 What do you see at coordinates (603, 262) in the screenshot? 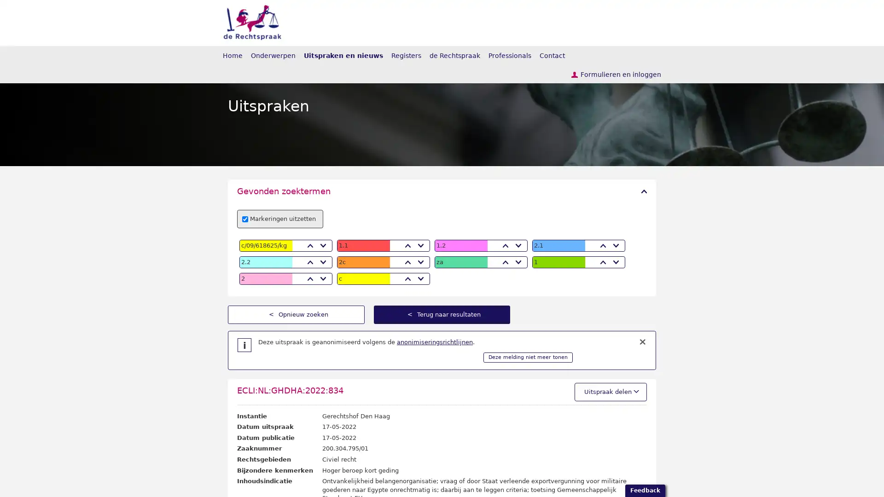
I see `Vorige zoek term` at bounding box center [603, 262].